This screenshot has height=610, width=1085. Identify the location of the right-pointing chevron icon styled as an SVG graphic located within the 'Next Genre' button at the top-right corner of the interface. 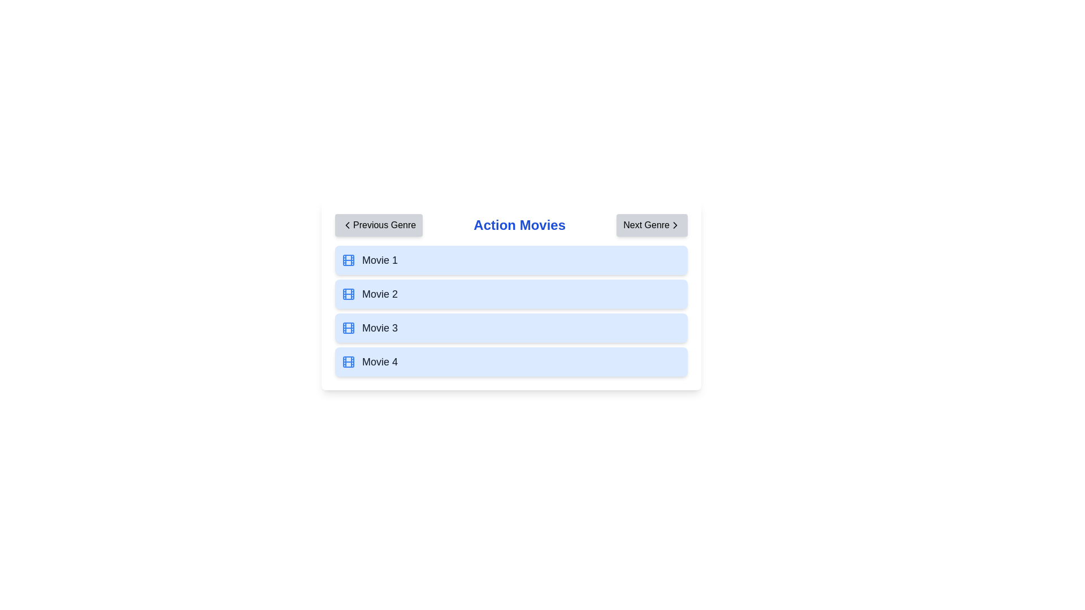
(675, 225).